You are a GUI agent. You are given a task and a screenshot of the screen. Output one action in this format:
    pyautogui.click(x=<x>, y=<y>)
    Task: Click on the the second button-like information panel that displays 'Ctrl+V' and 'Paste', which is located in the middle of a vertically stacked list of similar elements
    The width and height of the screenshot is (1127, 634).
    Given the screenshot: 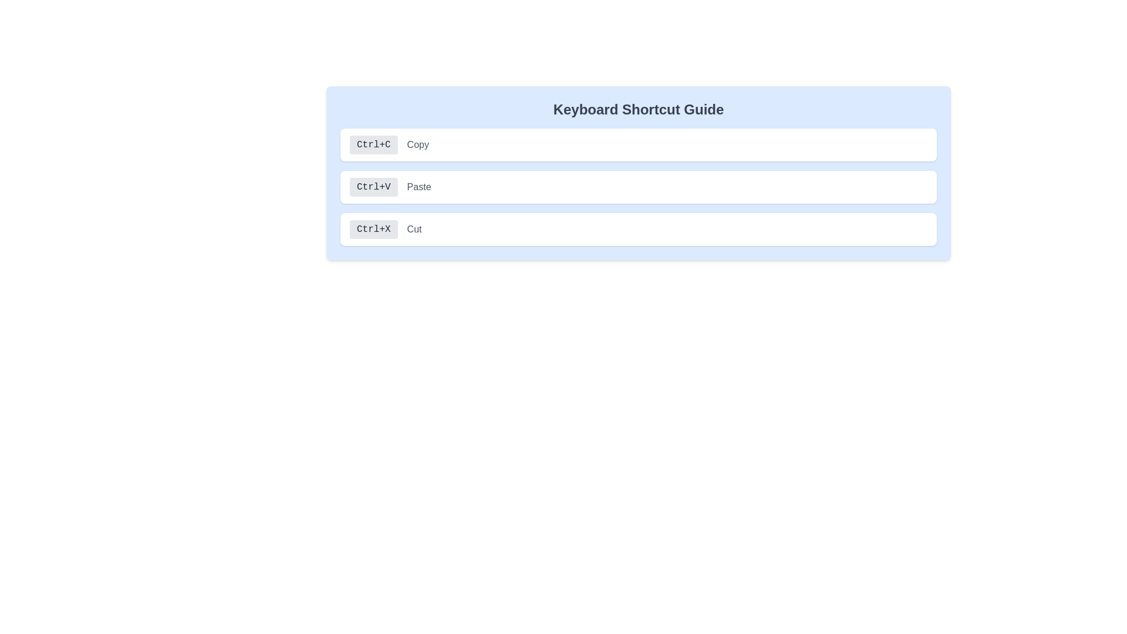 What is the action you would take?
    pyautogui.click(x=638, y=187)
    